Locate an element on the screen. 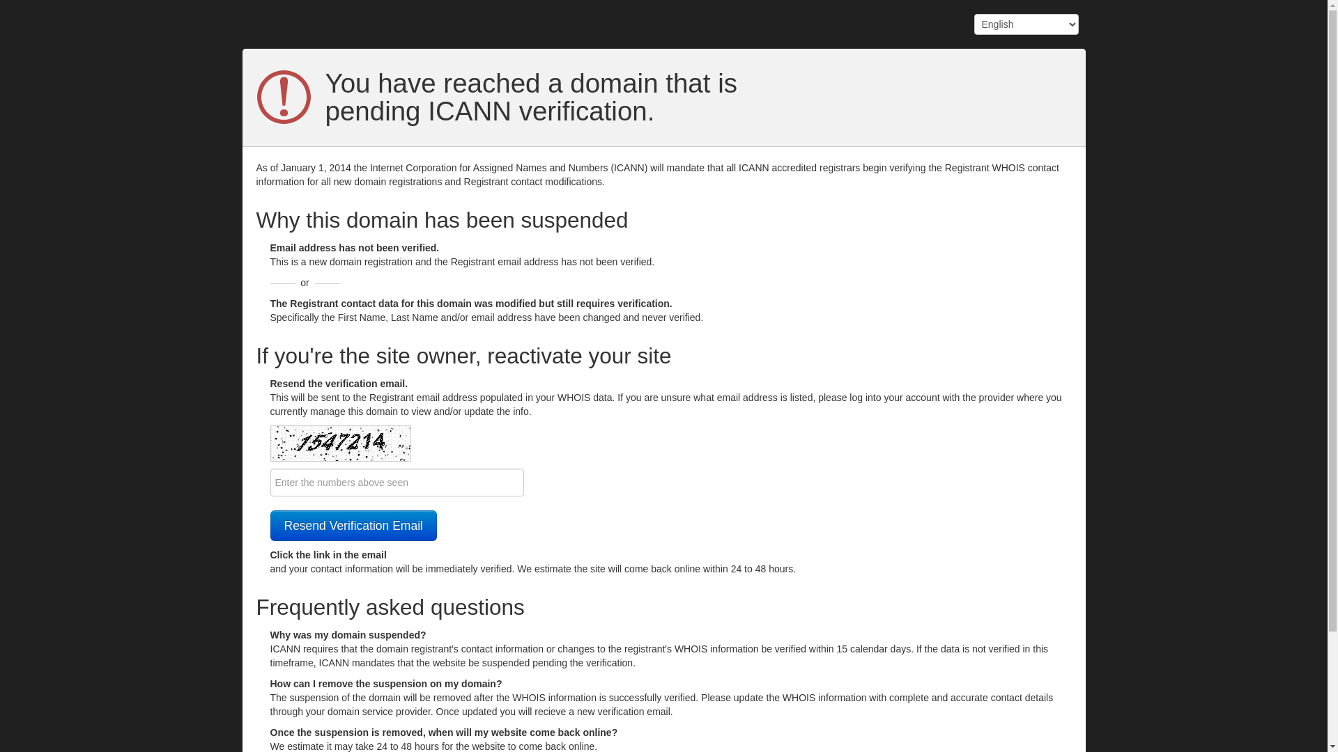 The width and height of the screenshot is (1338, 752). 'Resend Verification Email' is located at coordinates (353, 526).